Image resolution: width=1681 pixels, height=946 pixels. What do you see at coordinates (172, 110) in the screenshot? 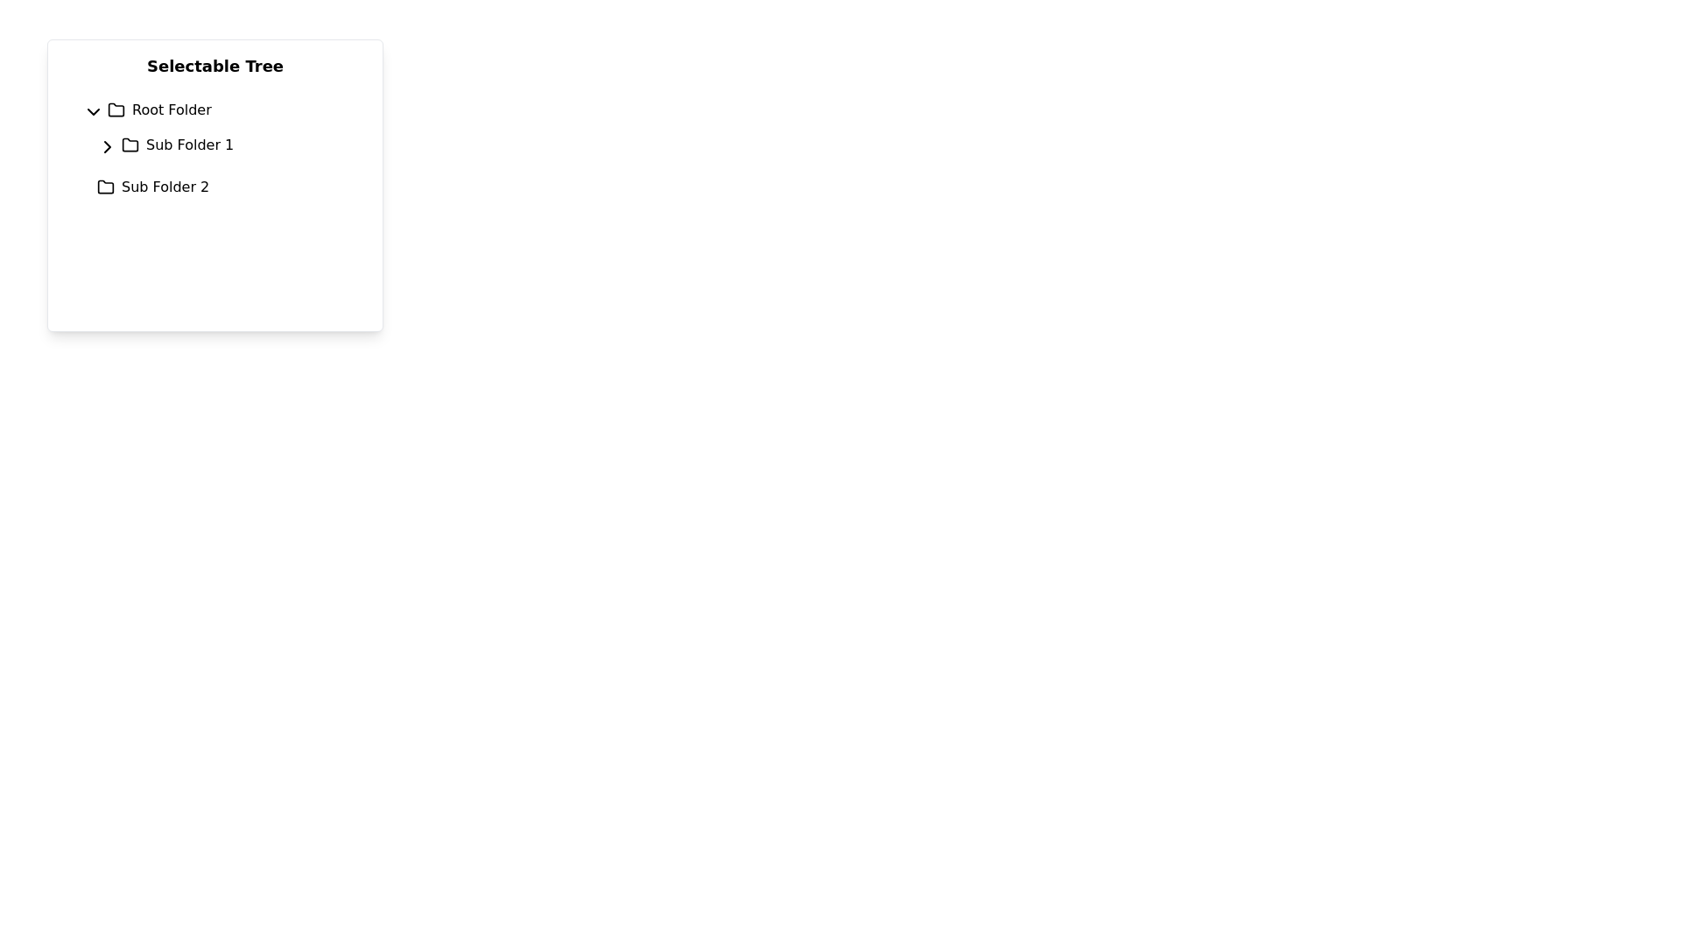
I see `the text label that identifies the primary folder in the tree-structured navigation menu` at bounding box center [172, 110].